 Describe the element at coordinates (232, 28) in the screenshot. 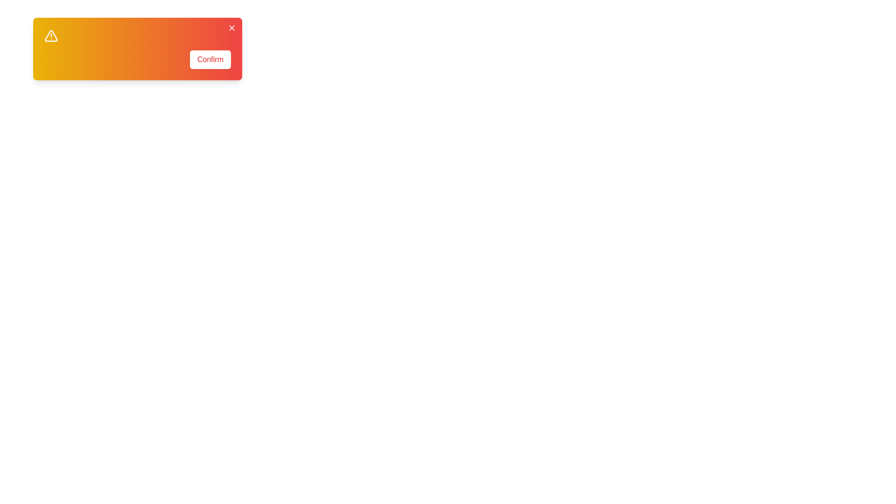

I see `the small red circular close button with a white cross (X) located at the top-right corner of the notification card to trigger hover effects` at that location.